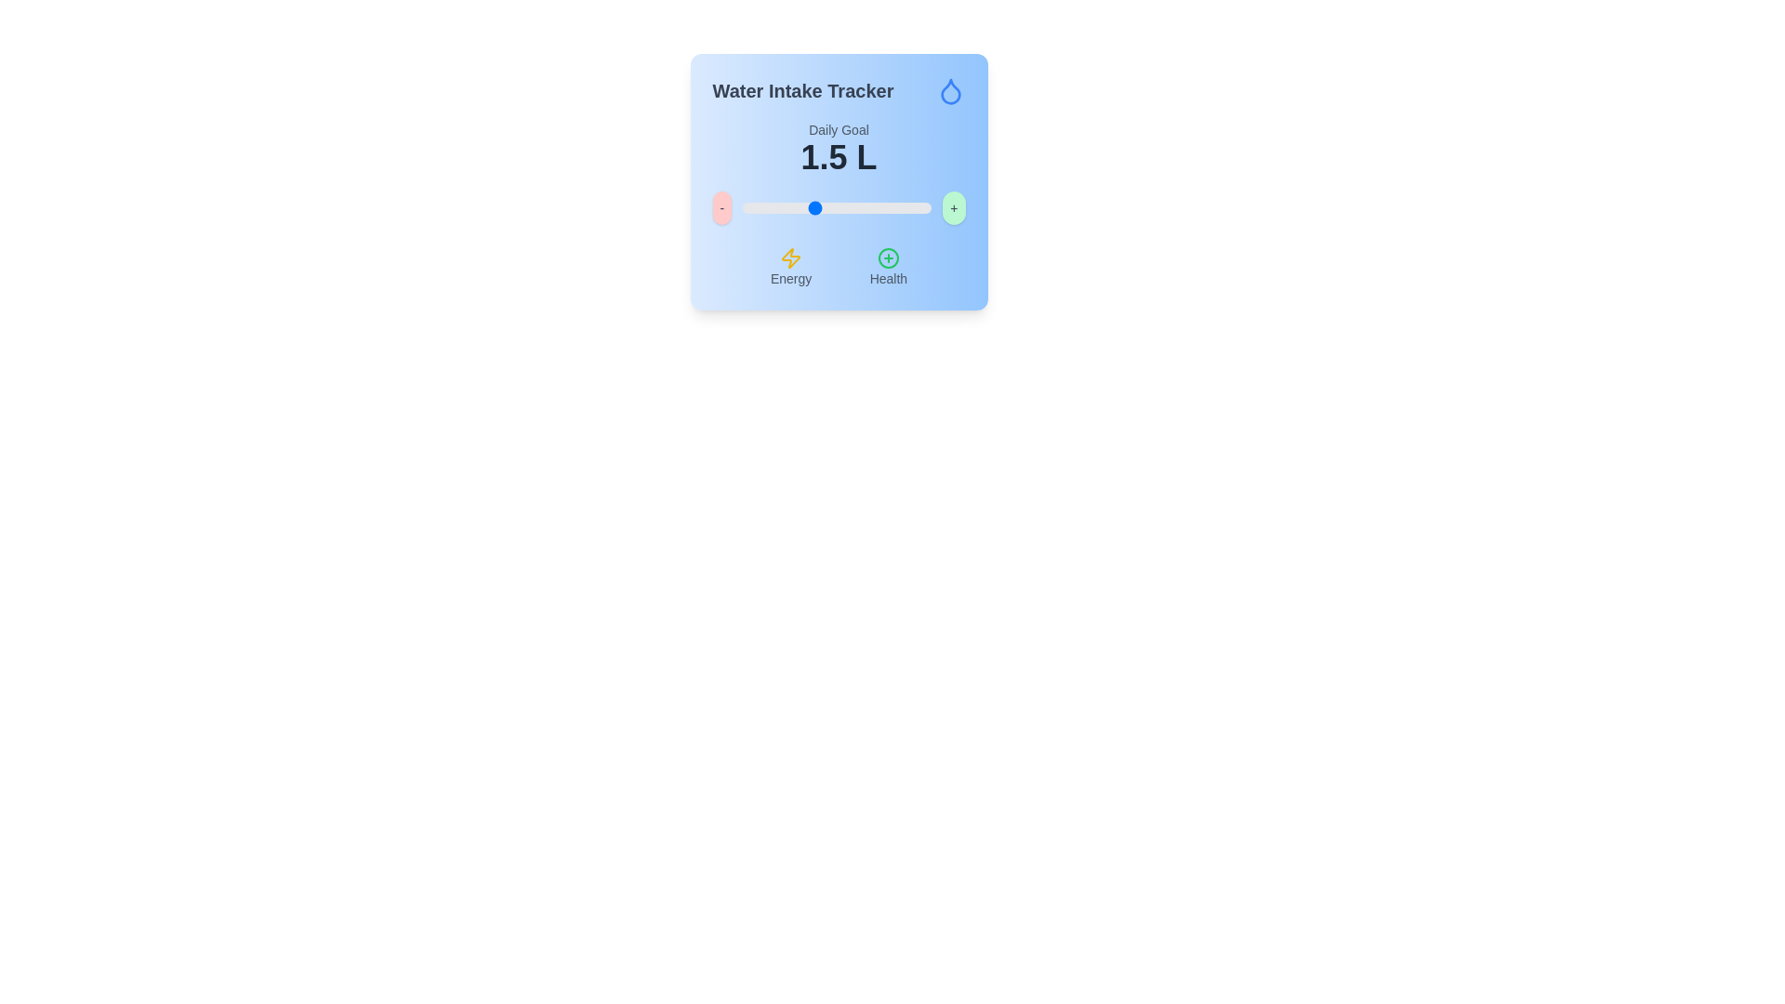  I want to click on the slider, so click(883, 207).